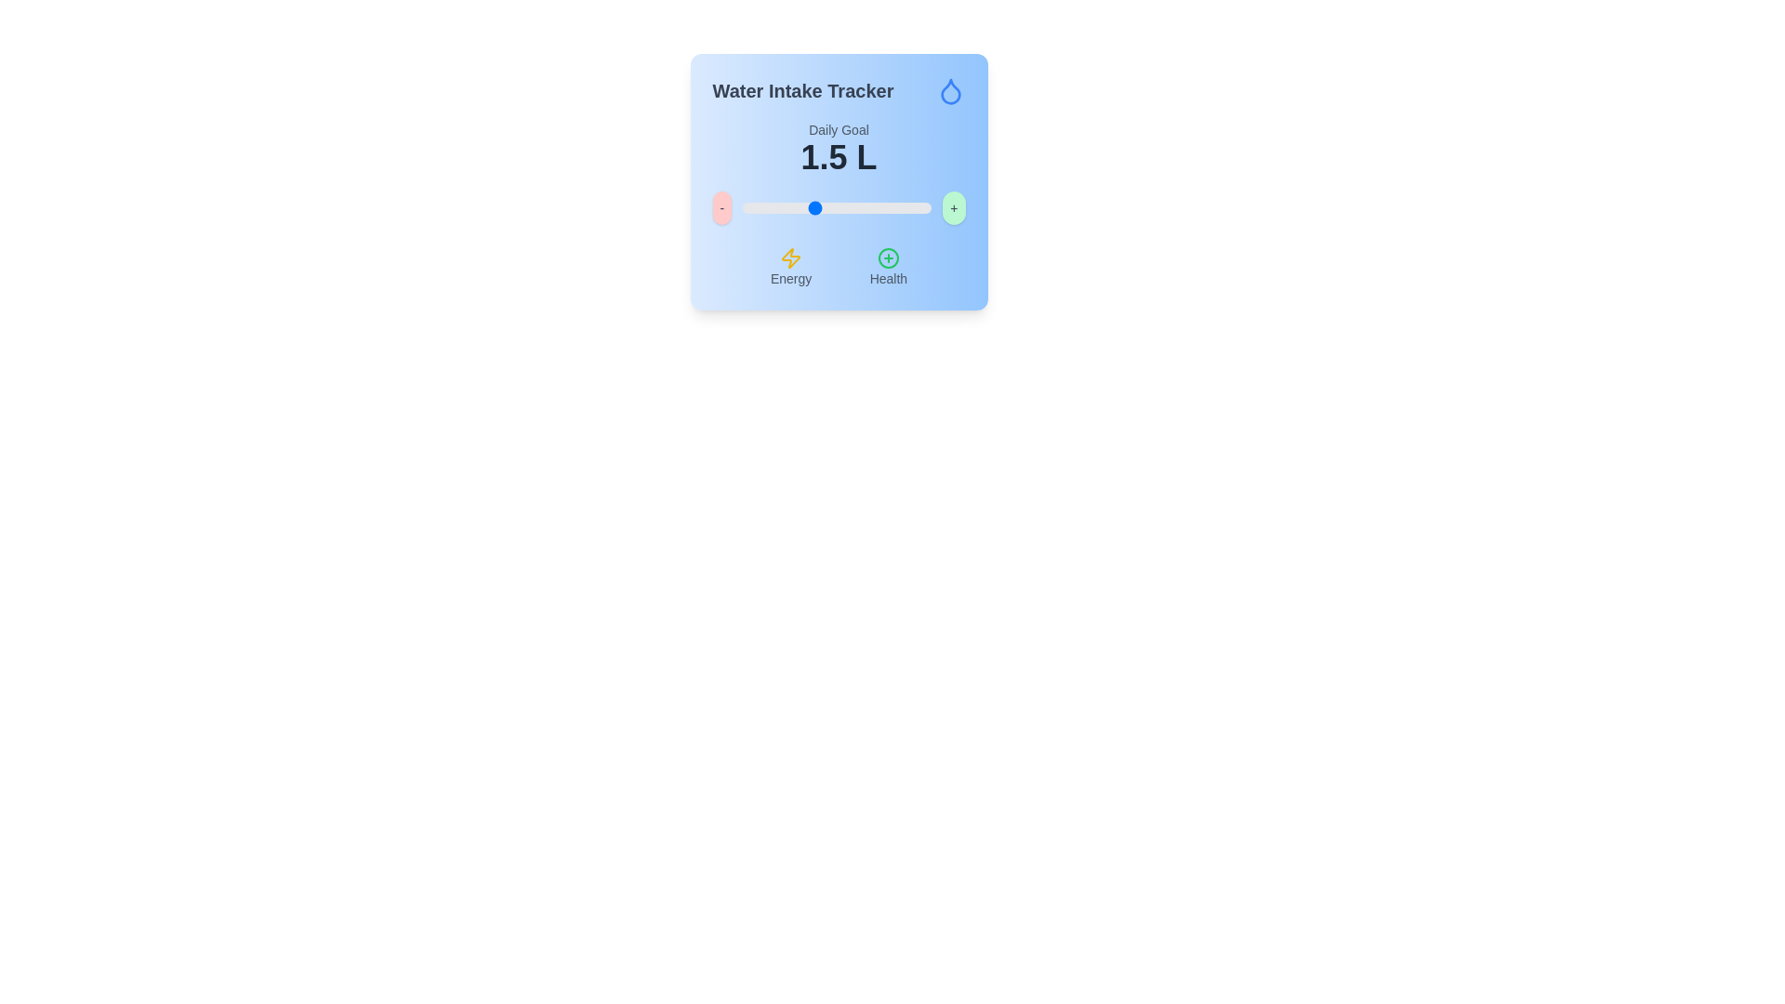  I want to click on the slider, so click(883, 207).